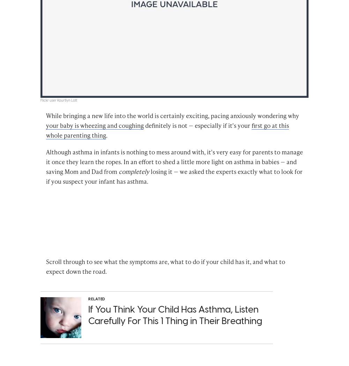 Image resolution: width=349 pixels, height=366 pixels. I want to click on 'completely', so click(134, 172).